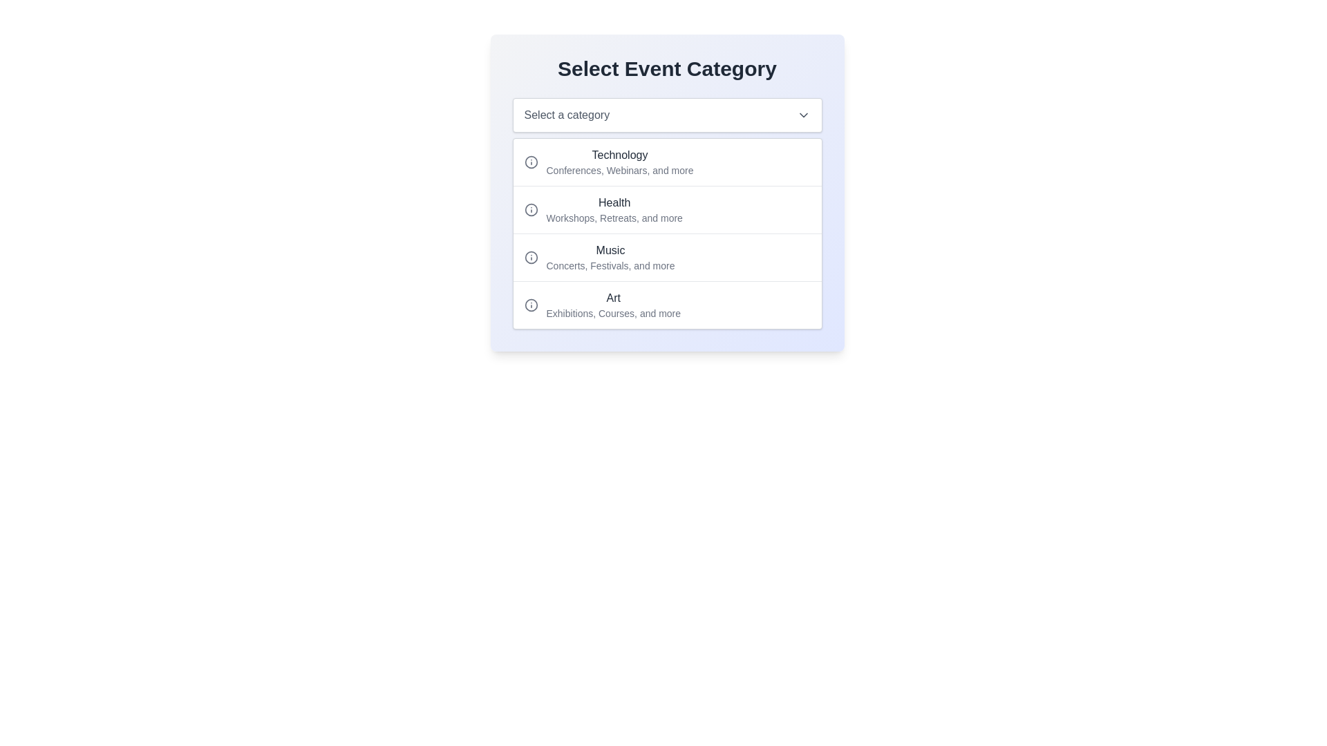 The image size is (1327, 746). What do you see at coordinates (530, 258) in the screenshot?
I see `the circular icon associated with the 'Music' category option, which is the third item in the vertically stacked list` at bounding box center [530, 258].